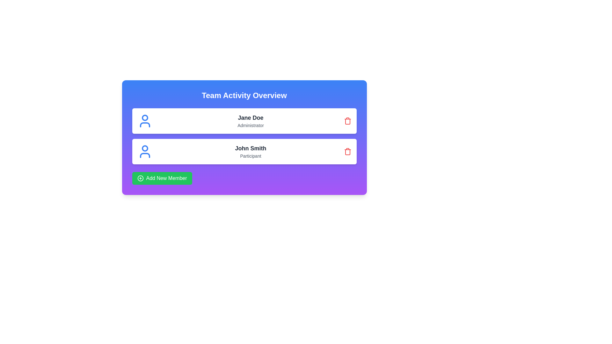 This screenshot has width=612, height=344. I want to click on the button at the bottom of the list of team members, so click(162, 178).